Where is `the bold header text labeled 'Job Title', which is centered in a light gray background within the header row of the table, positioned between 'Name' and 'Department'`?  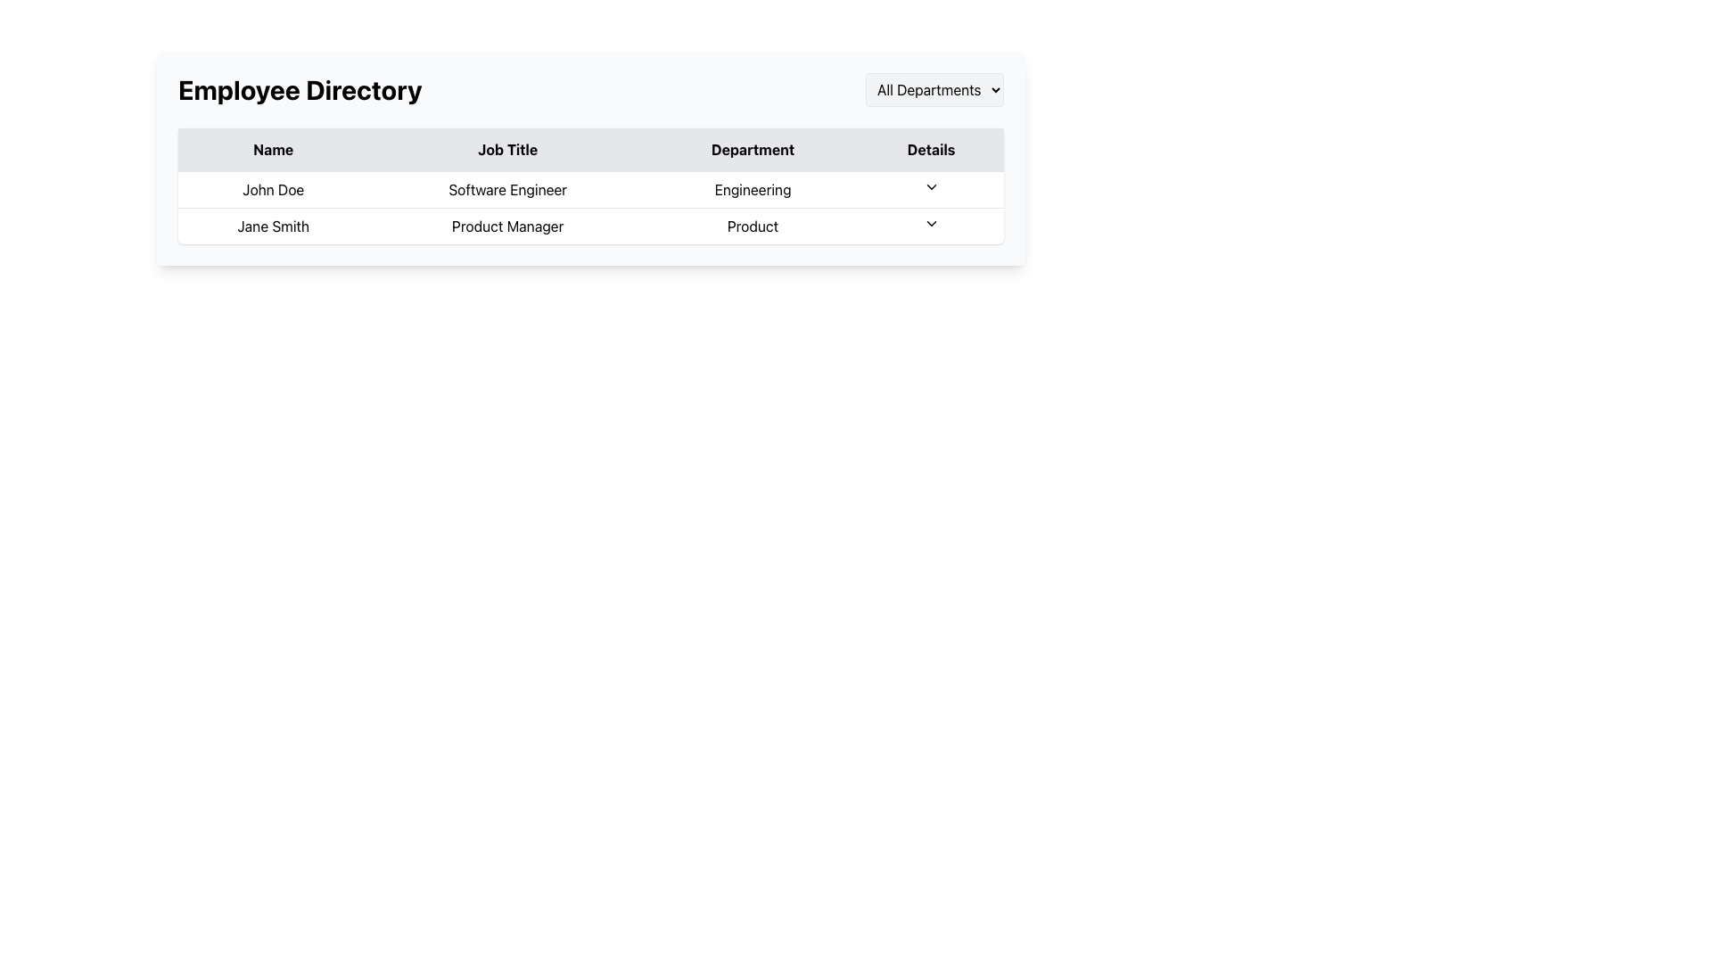
the bold header text labeled 'Job Title', which is centered in a light gray background within the header row of the table, positioned between 'Name' and 'Department' is located at coordinates (506, 149).